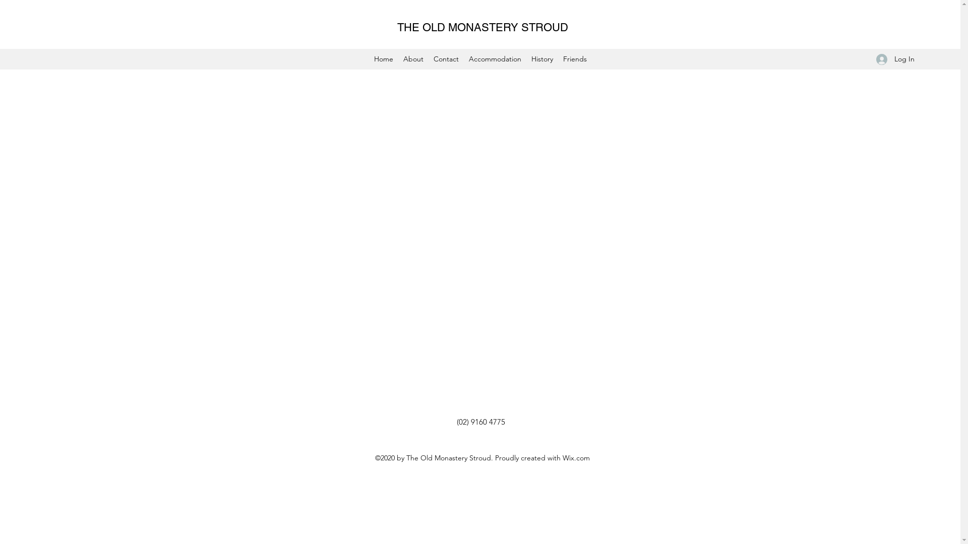  I want to click on 'Log In', so click(895, 59).